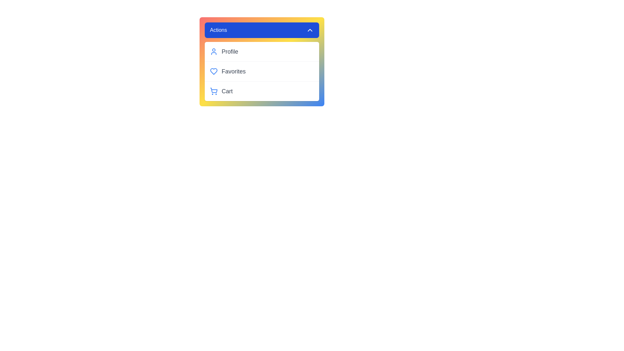 The width and height of the screenshot is (624, 351). Describe the element at coordinates (234, 71) in the screenshot. I see `the 'Favorites' text label located in the second row of the vertical menu labeled 'Actions', which is positioned below the 'Profile' row and above the 'Cart' row` at that location.